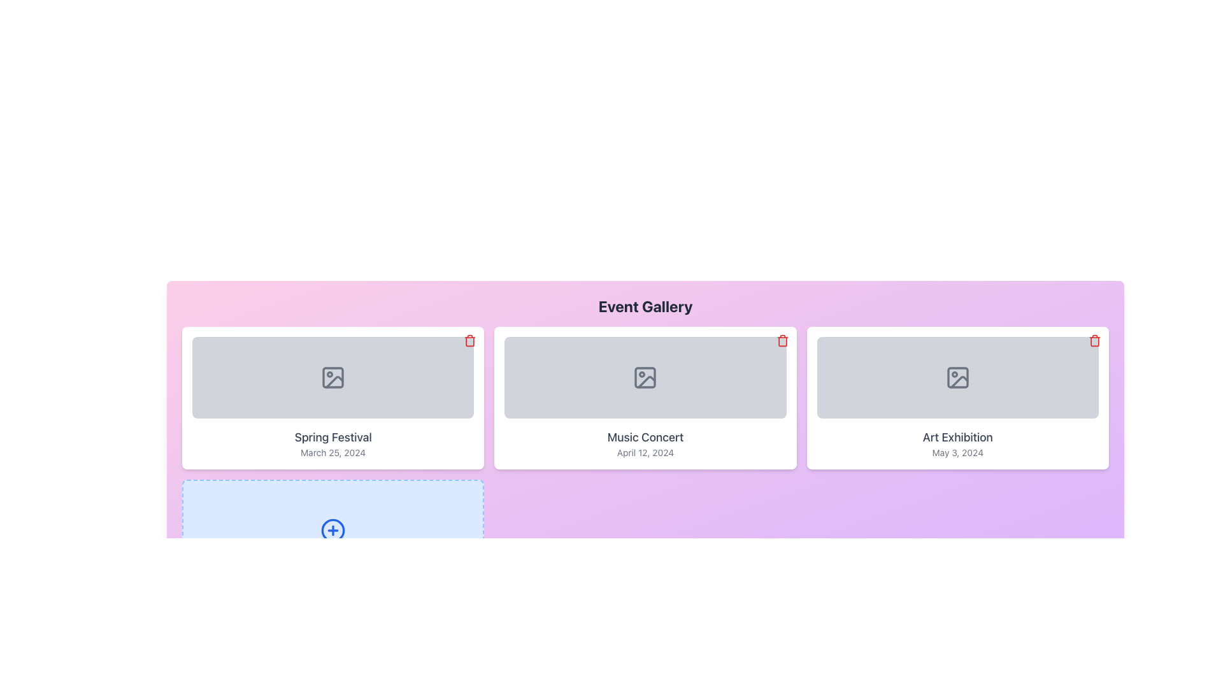 This screenshot has width=1223, height=688. Describe the element at coordinates (645, 377) in the screenshot. I see `the large gray image placeholder located at the top center of the 'Music Concert' card, positioned above the title and date text` at that location.